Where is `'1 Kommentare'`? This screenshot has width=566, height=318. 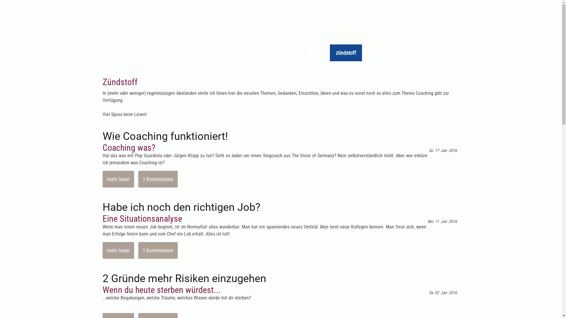 '1 Kommentare' is located at coordinates (157, 179).